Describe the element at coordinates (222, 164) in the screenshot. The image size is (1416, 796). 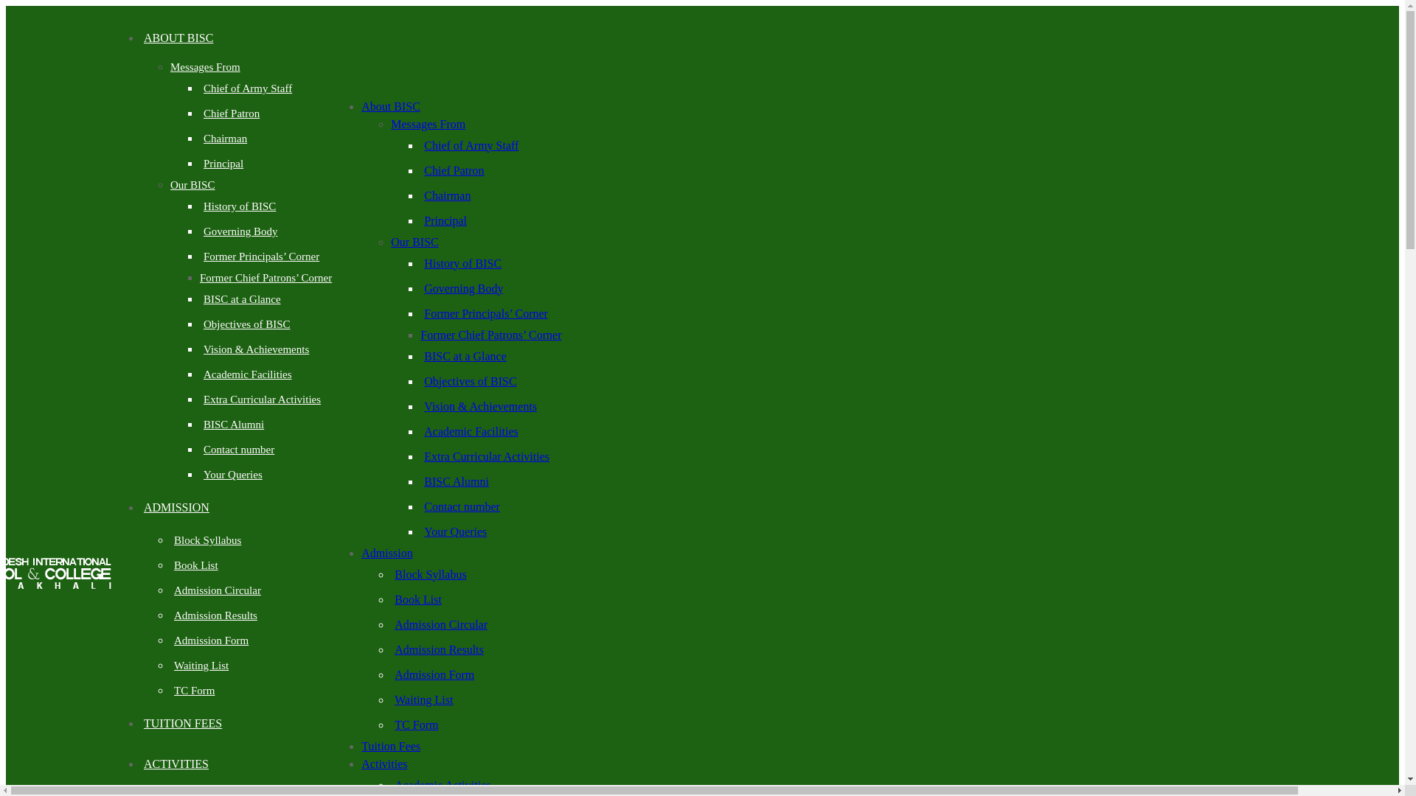
I see `'Principal'` at that location.